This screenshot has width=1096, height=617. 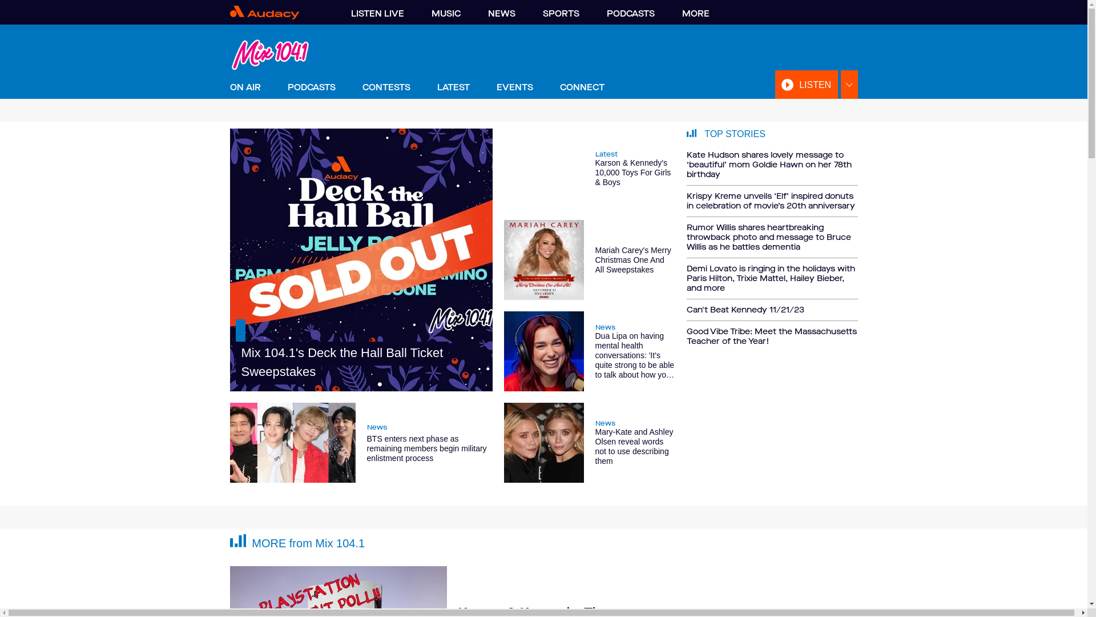 What do you see at coordinates (244, 87) in the screenshot?
I see `'ON AIR'` at bounding box center [244, 87].